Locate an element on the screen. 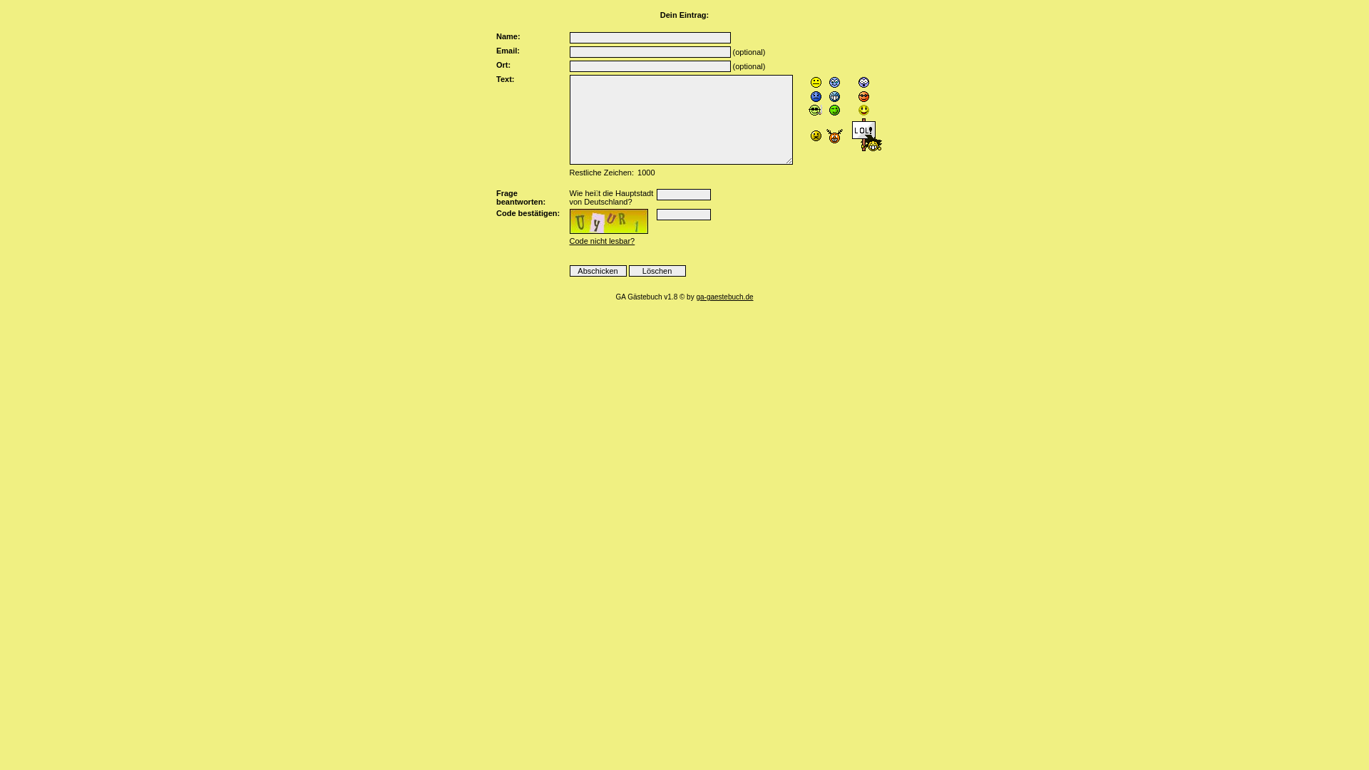 The height and width of the screenshot is (770, 1369). ':lol:' is located at coordinates (863, 135).